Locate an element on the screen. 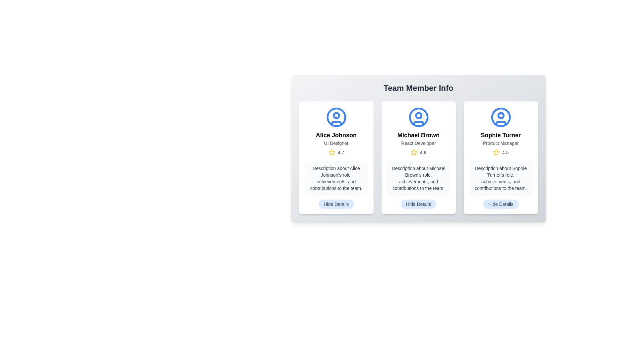 This screenshot has width=637, height=358. the pill-shaped 'Hide Details' button with light blue background and gray text, located at the bottom-center of the card detailing Alice Johnson's information is located at coordinates (336, 204).